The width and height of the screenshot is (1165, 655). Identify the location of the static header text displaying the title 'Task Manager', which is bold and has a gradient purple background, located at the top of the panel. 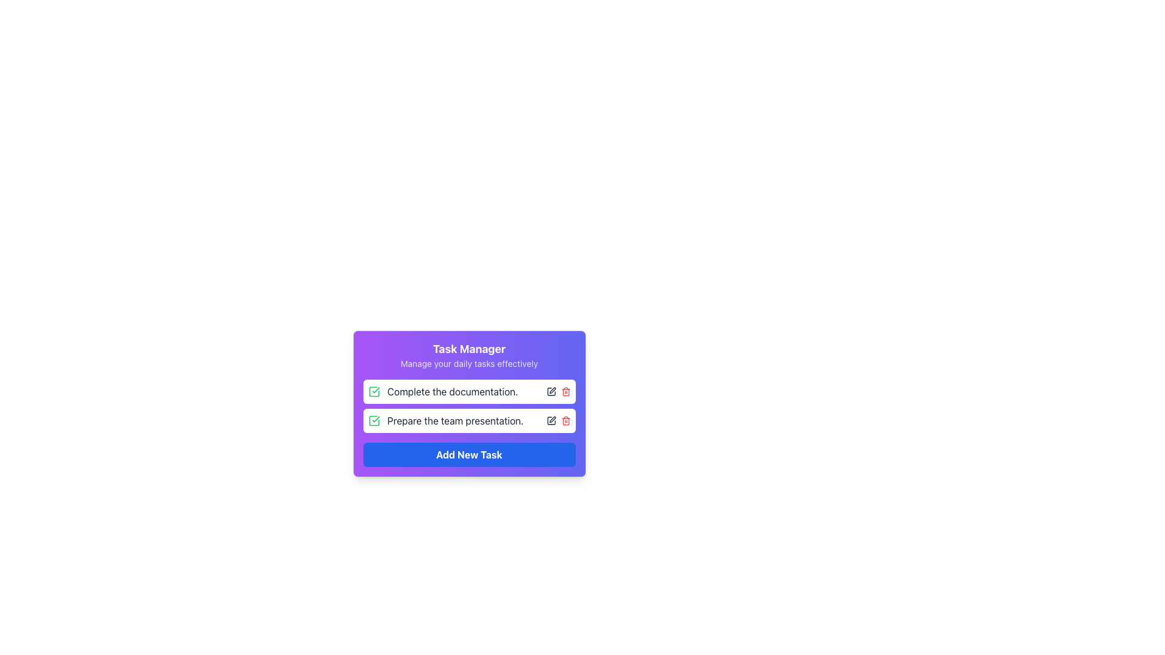
(468, 349).